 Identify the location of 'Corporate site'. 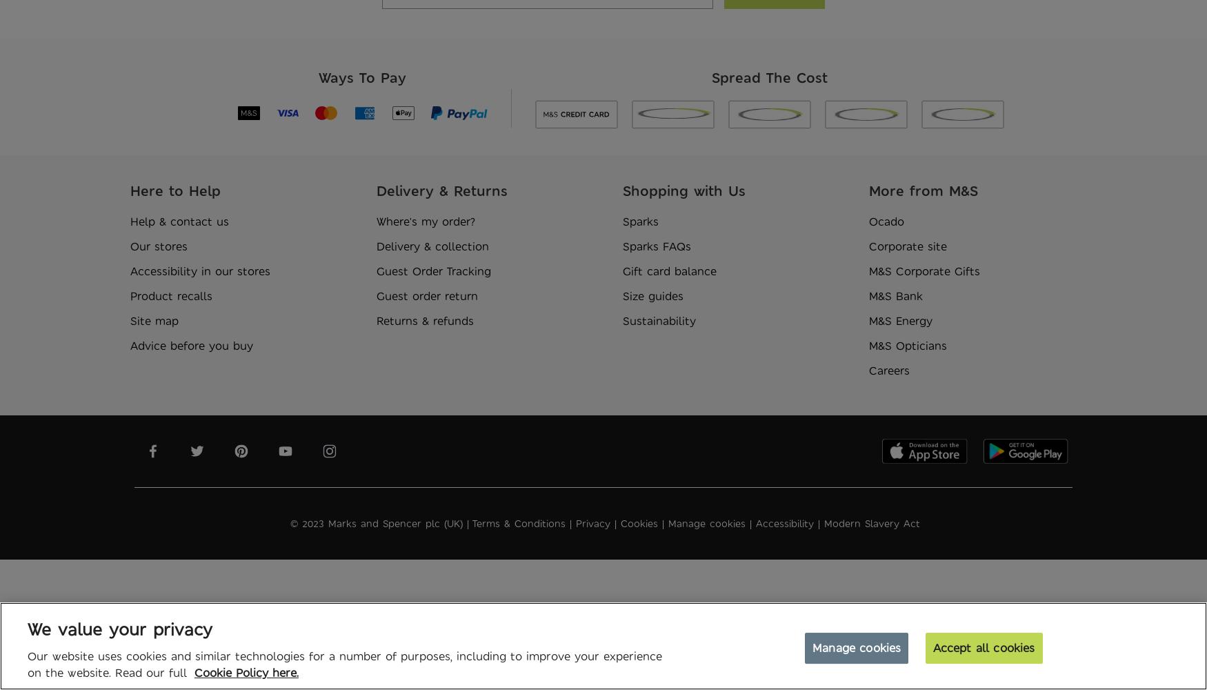
(908, 246).